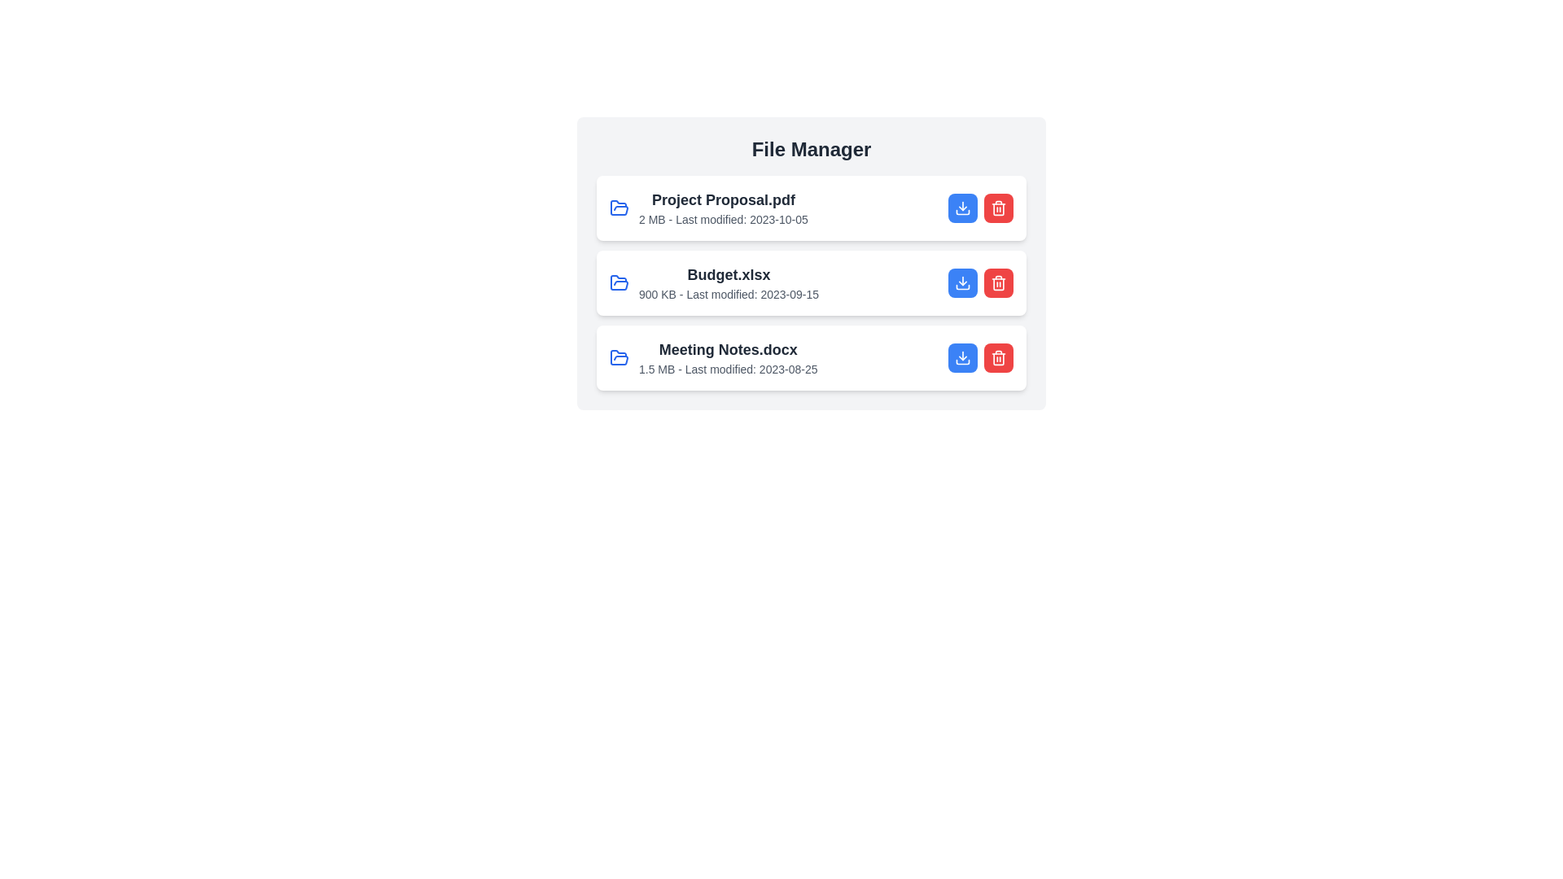 The height and width of the screenshot is (879, 1563). I want to click on the file Project Proposal.pdf by clicking its corresponding delete button, so click(998, 207).